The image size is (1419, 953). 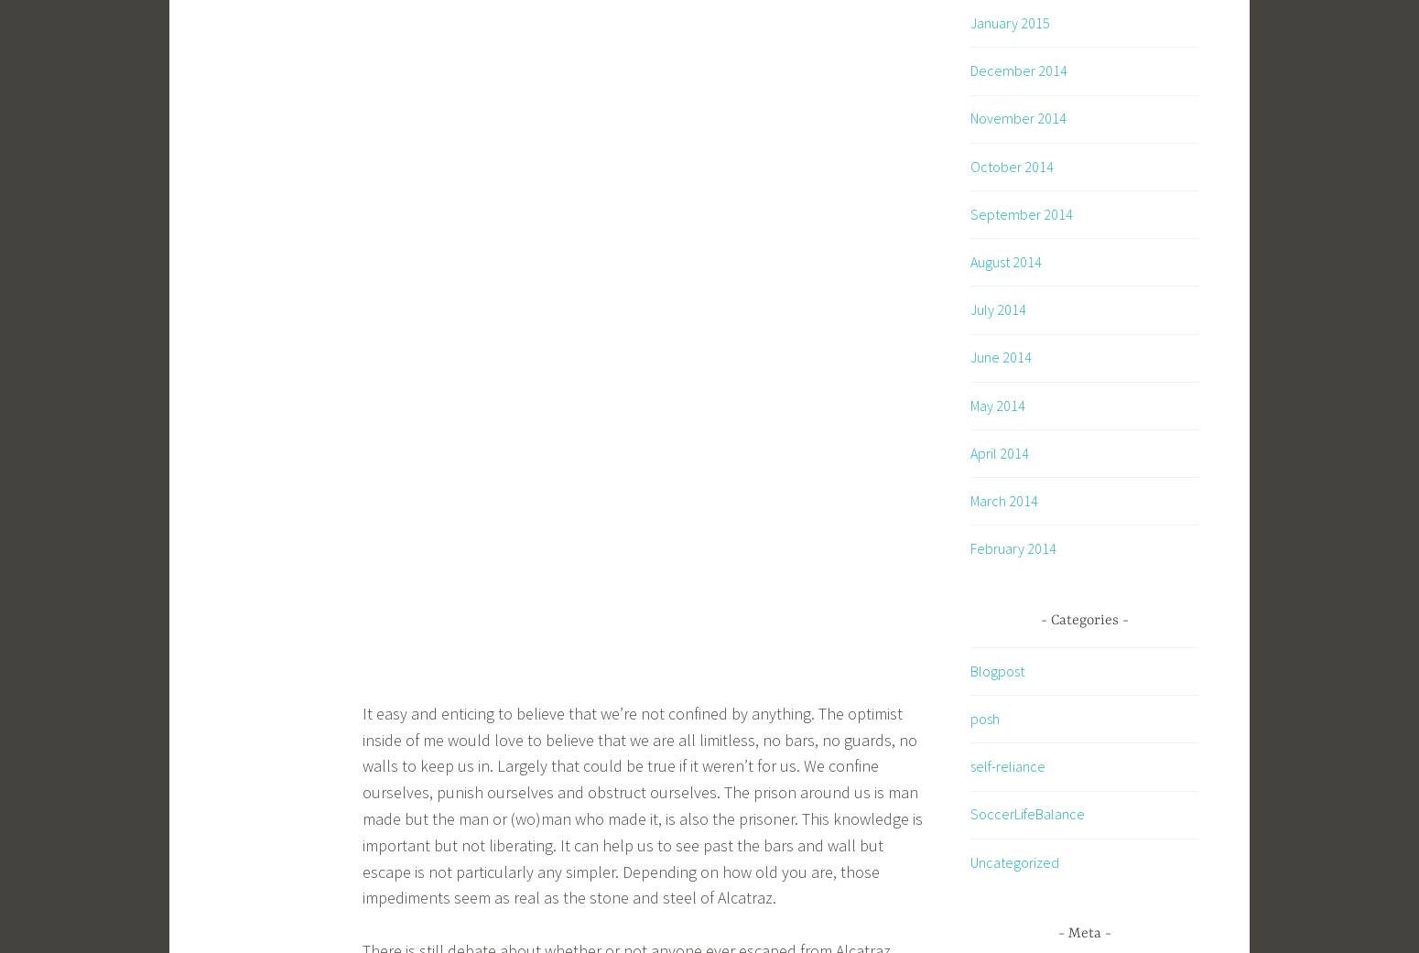 What do you see at coordinates (1021, 211) in the screenshot?
I see `'September 2014'` at bounding box center [1021, 211].